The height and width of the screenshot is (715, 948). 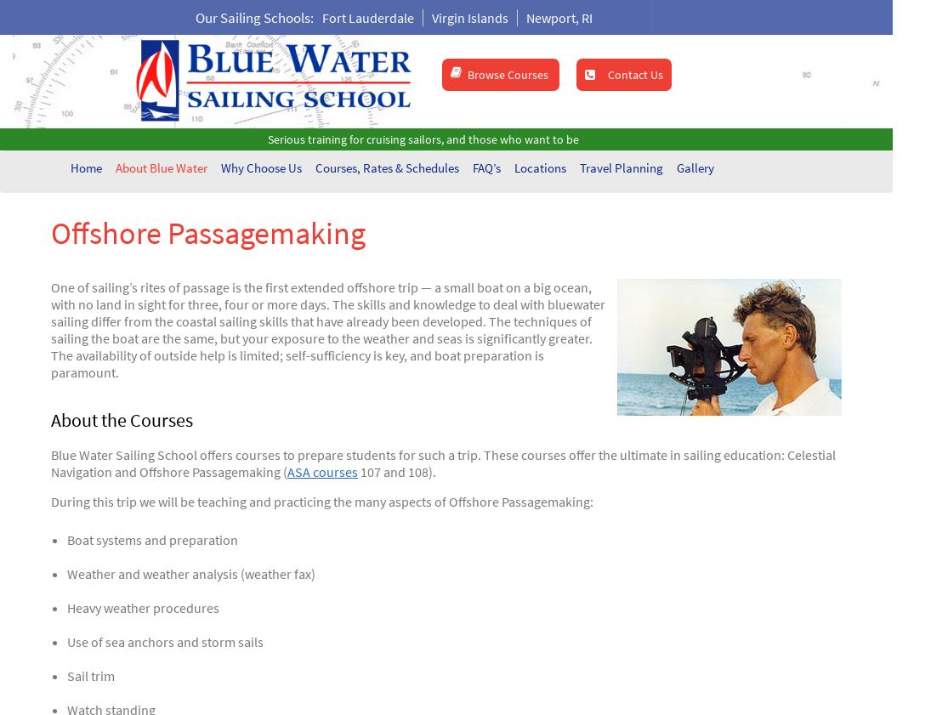 I want to click on 'Blue Water Sailing School offers courses to prepare students for such a trip. These courses offer the ultimate in sailing education: Celestial Navigation and Offshore Passagemaking (', so click(x=443, y=462).